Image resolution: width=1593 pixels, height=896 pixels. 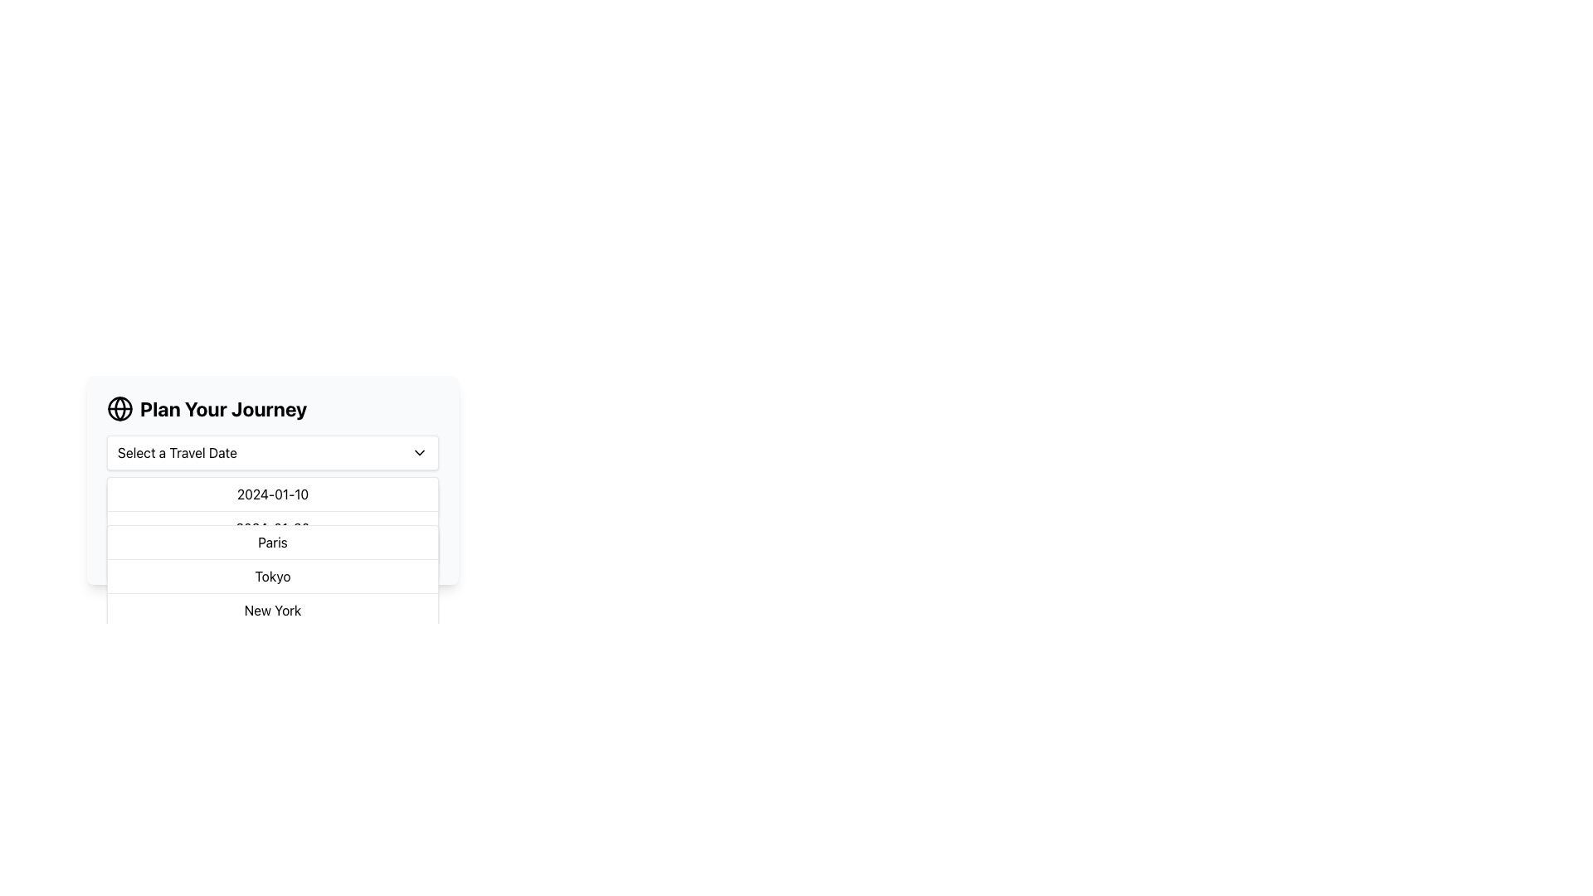 I want to click on the option in the dropdown menu, so click(x=273, y=575).